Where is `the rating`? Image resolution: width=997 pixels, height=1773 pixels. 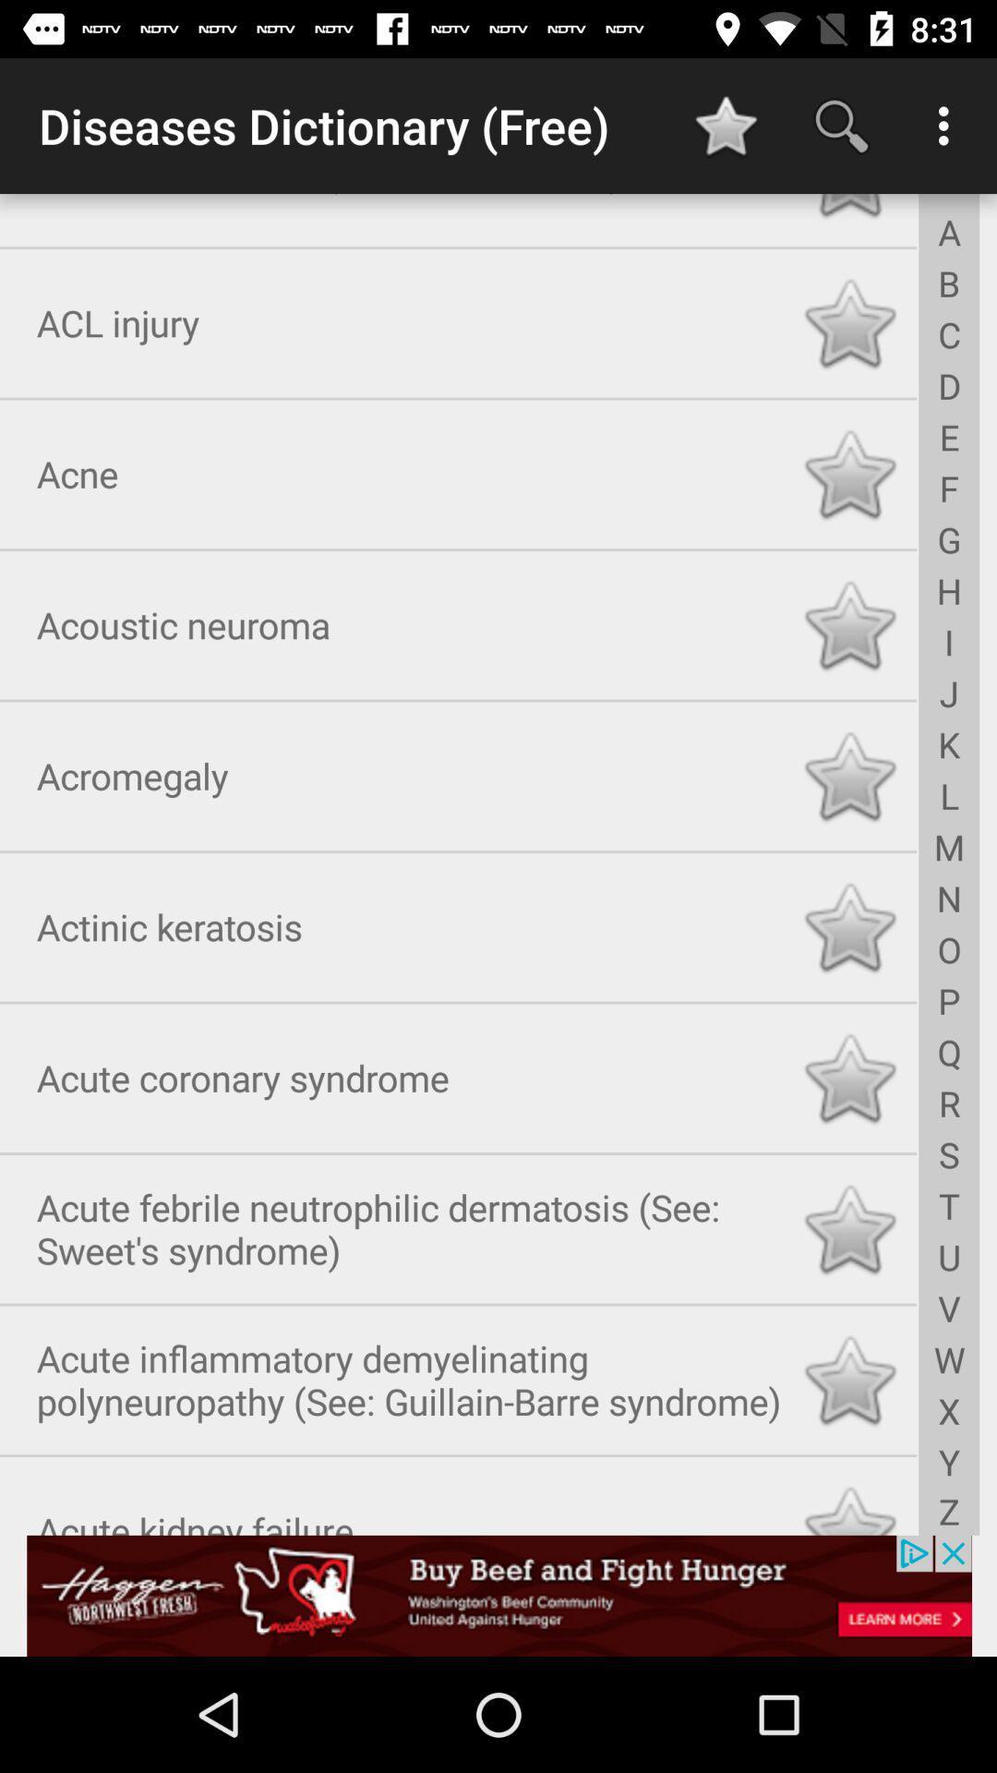 the rating is located at coordinates (849, 209).